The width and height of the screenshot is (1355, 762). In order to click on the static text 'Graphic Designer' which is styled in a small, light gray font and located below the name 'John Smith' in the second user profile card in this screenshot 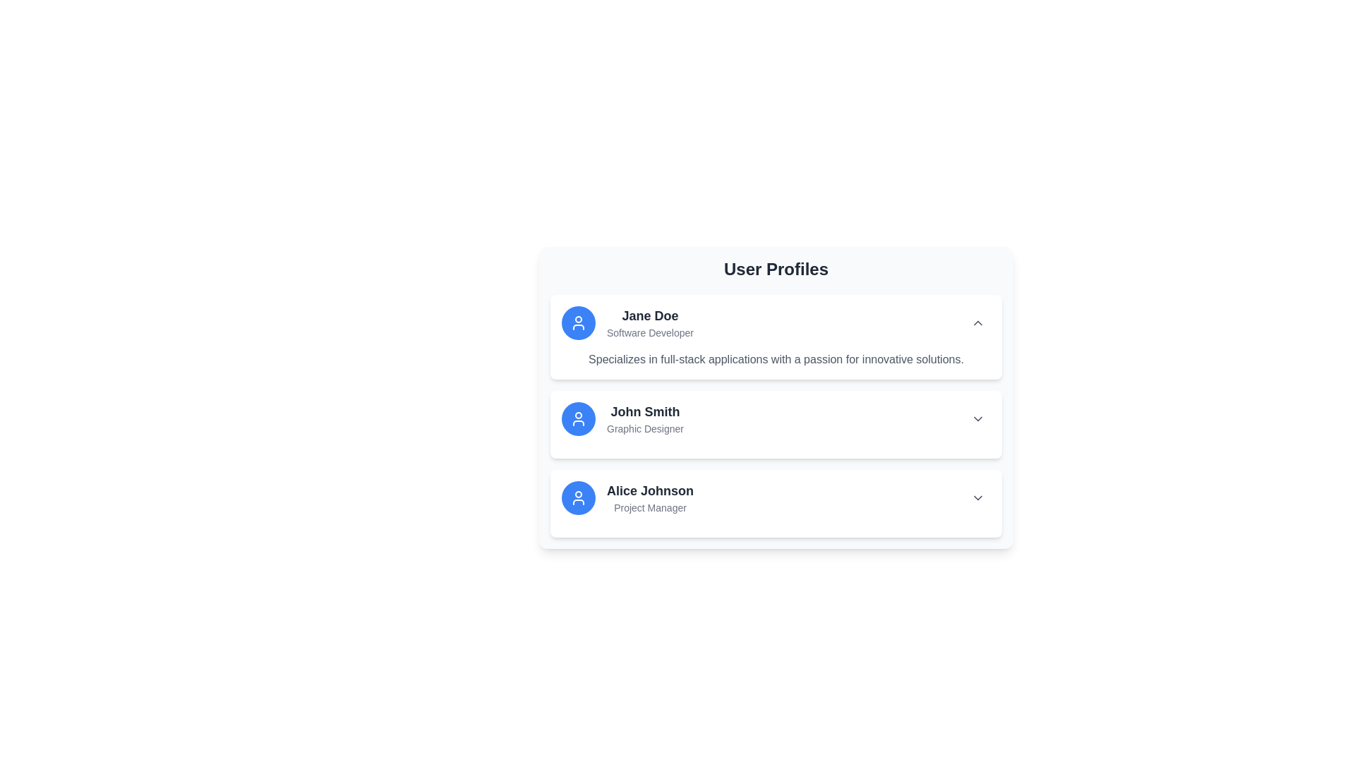, I will do `click(644, 428)`.